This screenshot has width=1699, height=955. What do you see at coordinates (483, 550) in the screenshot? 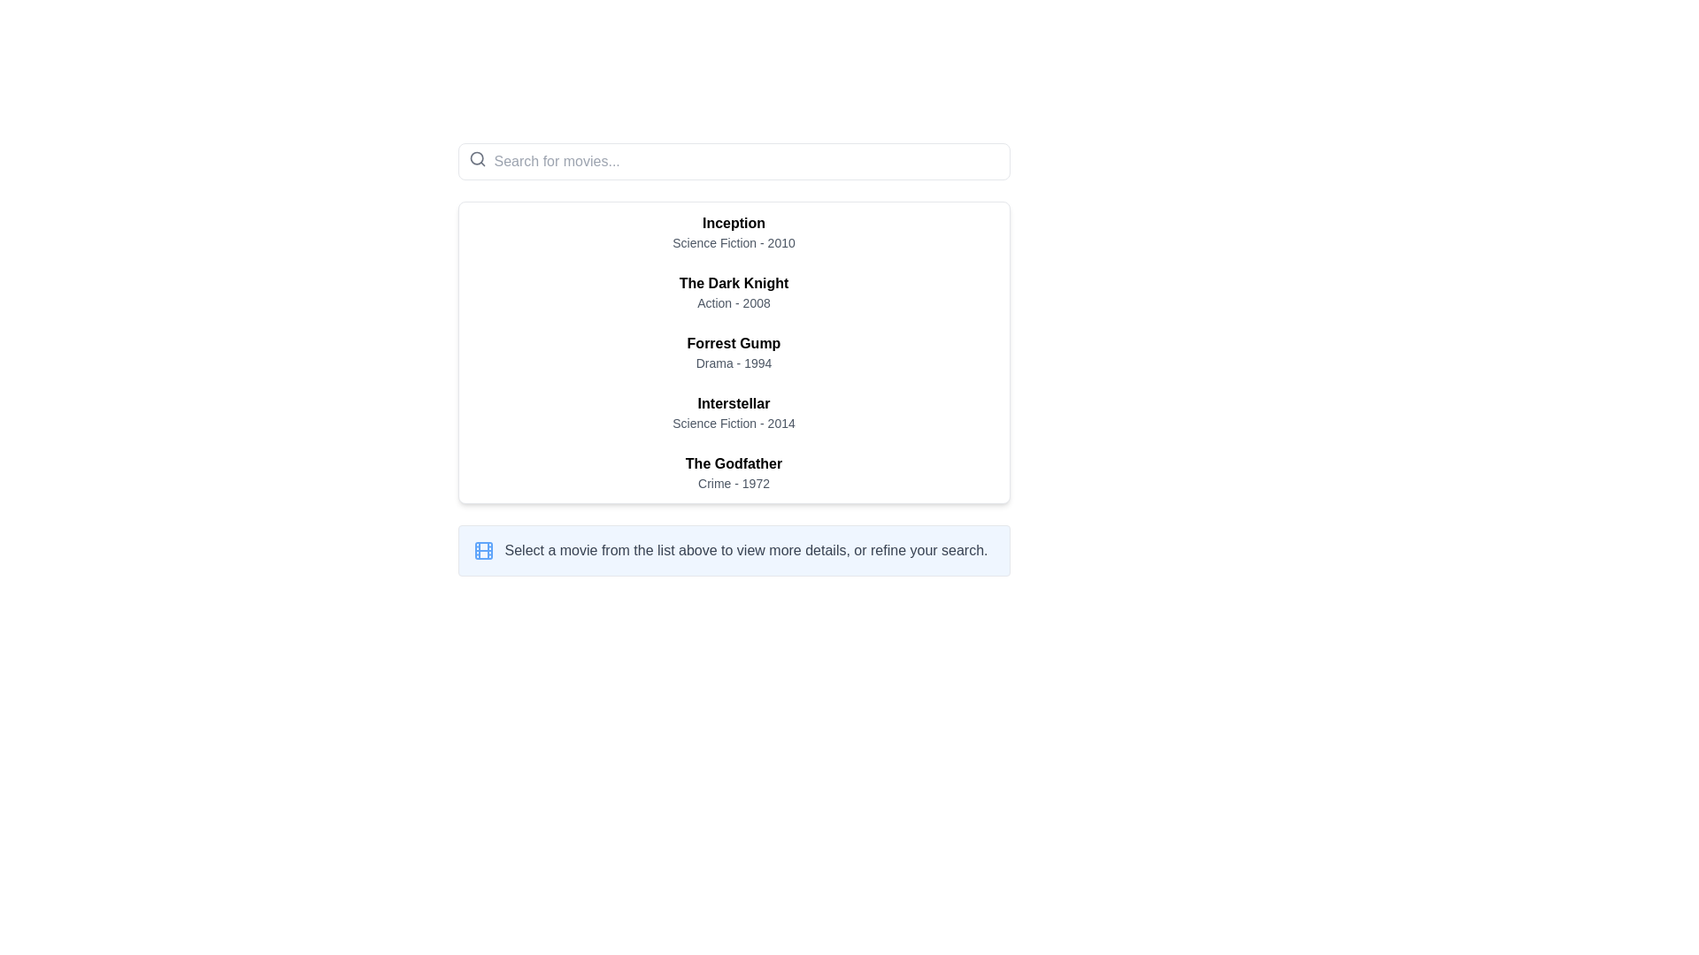
I see `the film reel icon styled with a blue color scheme, which is located to the left of the descriptive text 'Select a movie from the list above` at bounding box center [483, 550].